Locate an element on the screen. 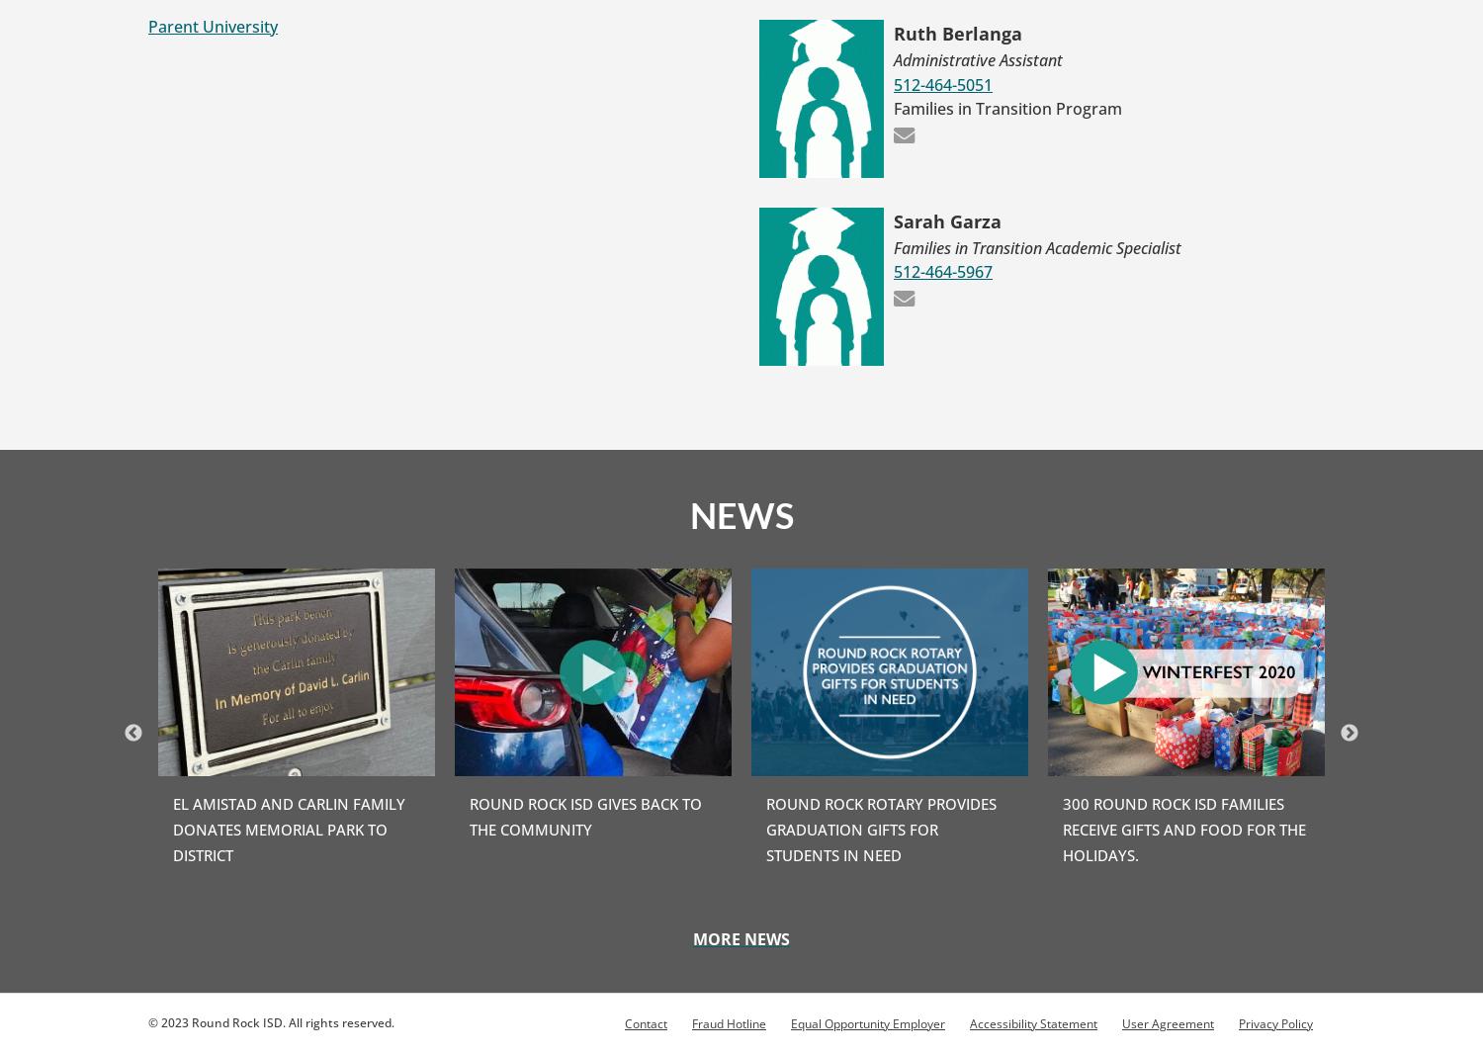 The image size is (1483, 1055). 'El Amistad and Carlin Family Donates Memorial Park to District' is located at coordinates (173, 828).